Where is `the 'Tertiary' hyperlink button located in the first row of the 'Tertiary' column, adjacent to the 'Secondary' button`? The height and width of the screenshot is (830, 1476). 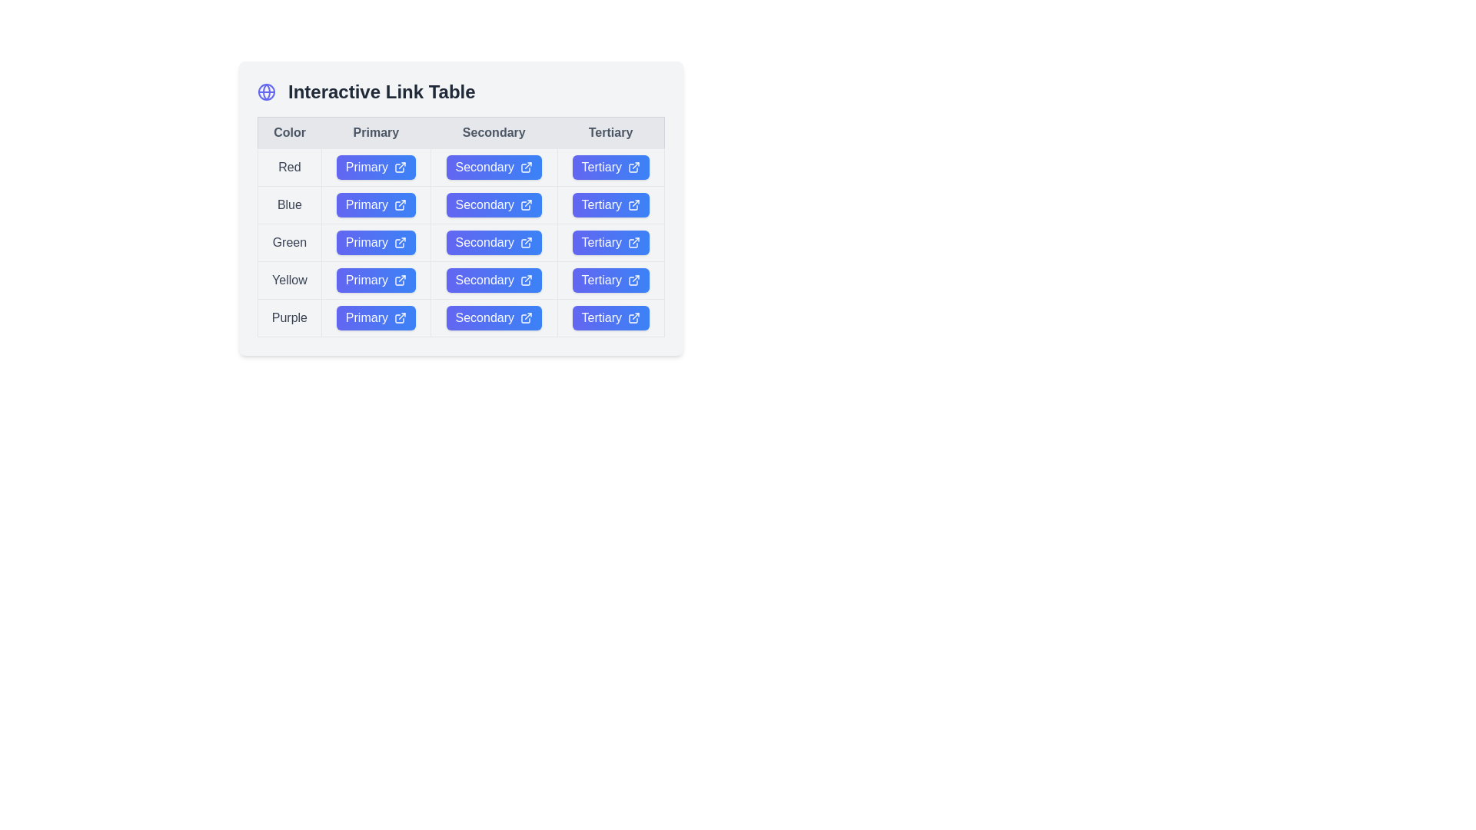
the 'Tertiary' hyperlink button located in the first row of the 'Tertiary' column, adjacent to the 'Secondary' button is located at coordinates (610, 168).